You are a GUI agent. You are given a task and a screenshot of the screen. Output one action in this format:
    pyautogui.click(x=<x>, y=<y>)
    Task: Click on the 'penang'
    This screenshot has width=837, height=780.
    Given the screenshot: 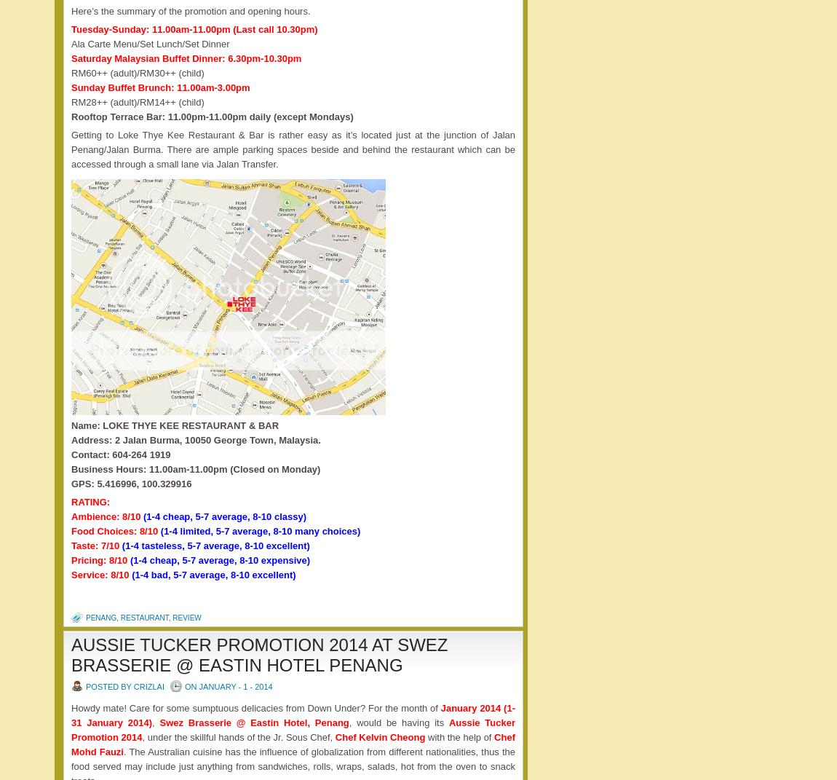 What is the action you would take?
    pyautogui.click(x=100, y=618)
    